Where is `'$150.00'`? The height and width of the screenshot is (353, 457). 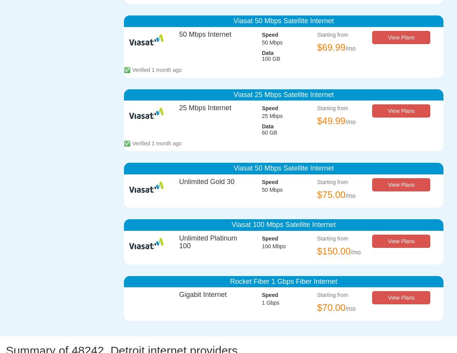 '$150.00' is located at coordinates (333, 251).